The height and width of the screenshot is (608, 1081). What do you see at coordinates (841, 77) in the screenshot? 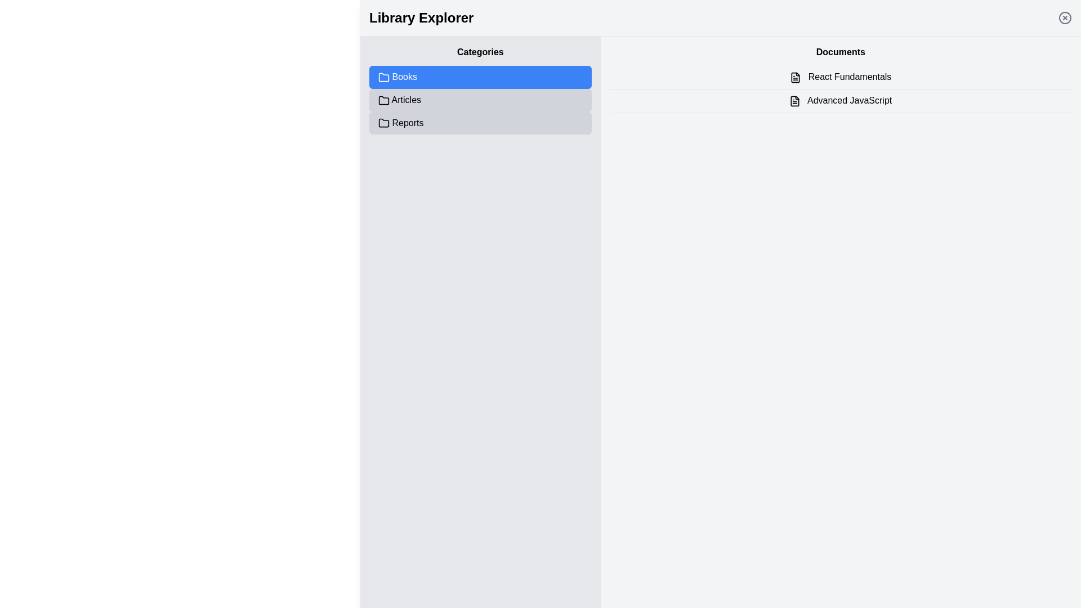
I see `the 'React Fundamentals' text button with an accompanying icon` at bounding box center [841, 77].